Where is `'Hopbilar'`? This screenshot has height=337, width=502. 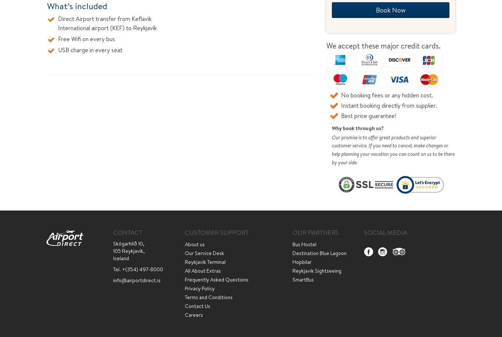
'Hopbilar' is located at coordinates (292, 261).